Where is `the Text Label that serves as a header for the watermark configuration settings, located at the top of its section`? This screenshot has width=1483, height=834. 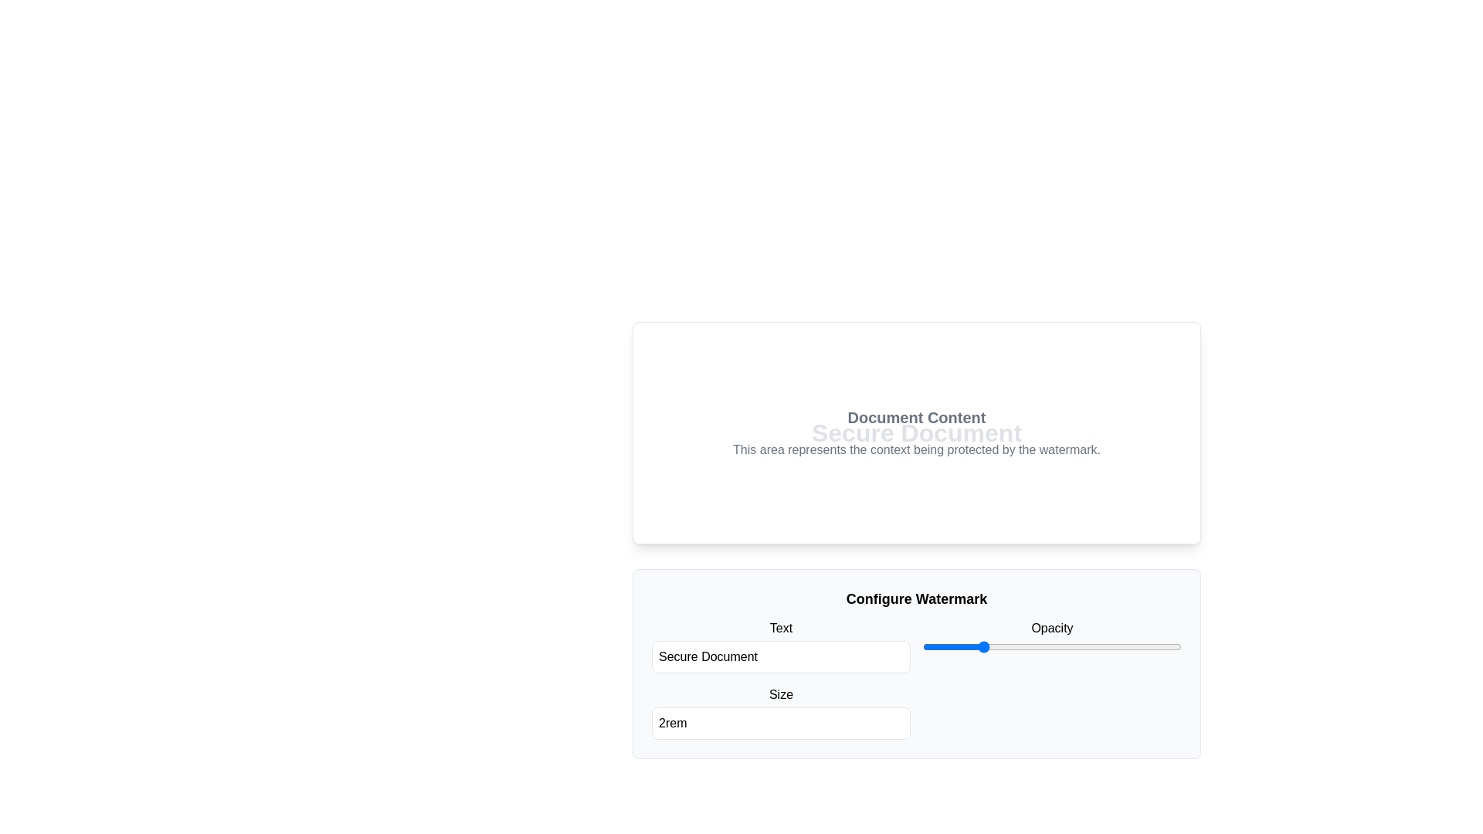
the Text Label that serves as a header for the watermark configuration settings, located at the top of its section is located at coordinates (916, 598).